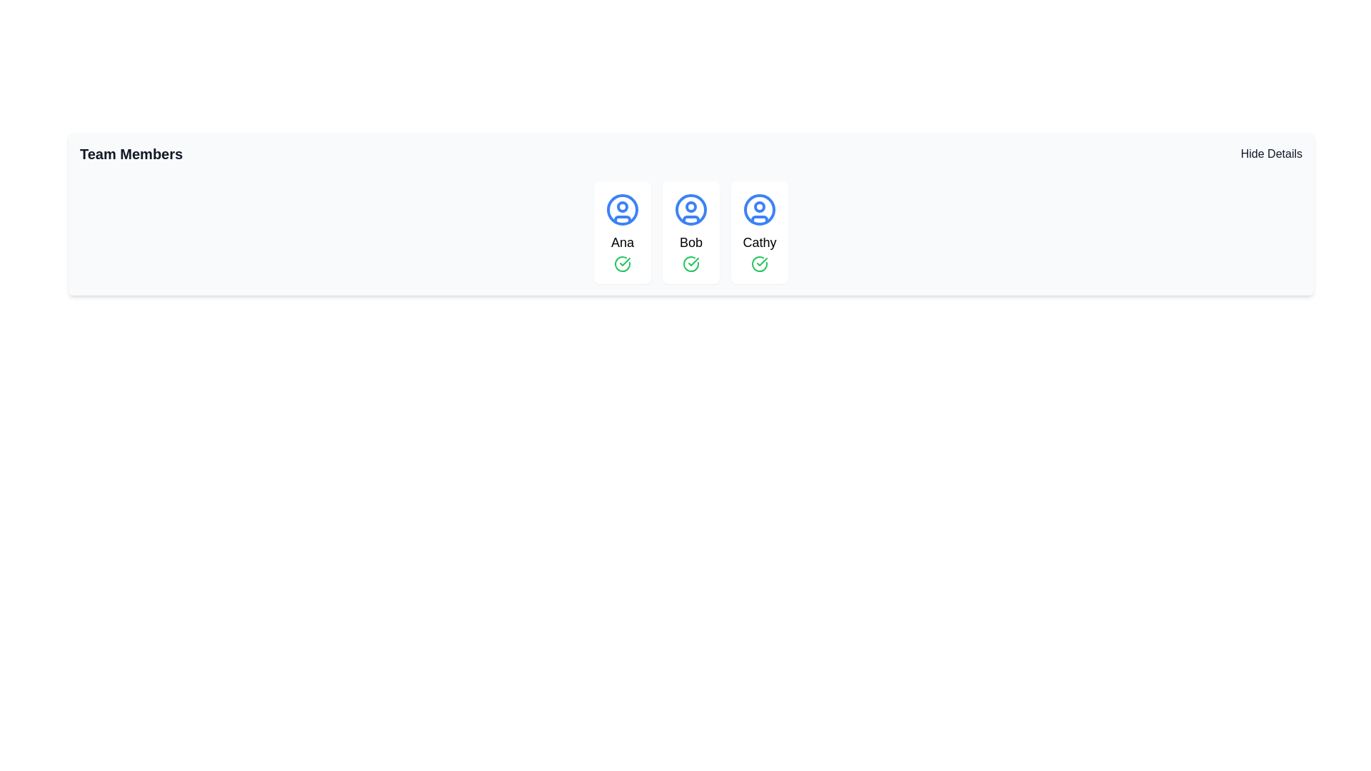 The height and width of the screenshot is (771, 1371). What do you see at coordinates (759, 206) in the screenshot?
I see `the upper portion of the inner circle of the user avatar icon representing 'Cathy'` at bounding box center [759, 206].